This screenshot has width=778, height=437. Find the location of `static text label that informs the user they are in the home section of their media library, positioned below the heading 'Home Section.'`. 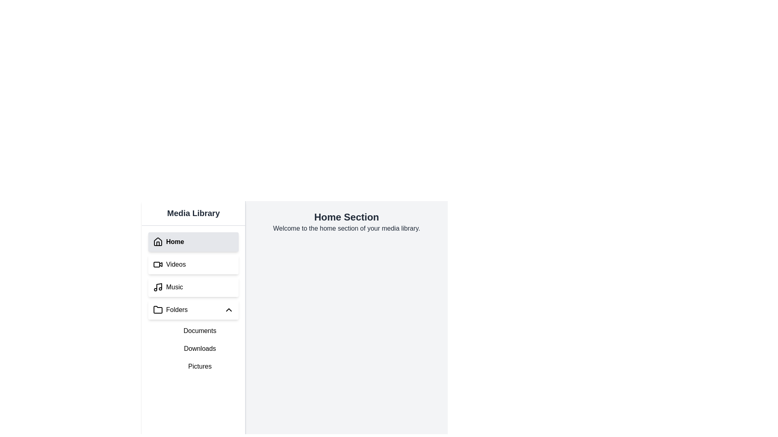

static text label that informs the user they are in the home section of their media library, positioned below the heading 'Home Section.' is located at coordinates (346, 228).